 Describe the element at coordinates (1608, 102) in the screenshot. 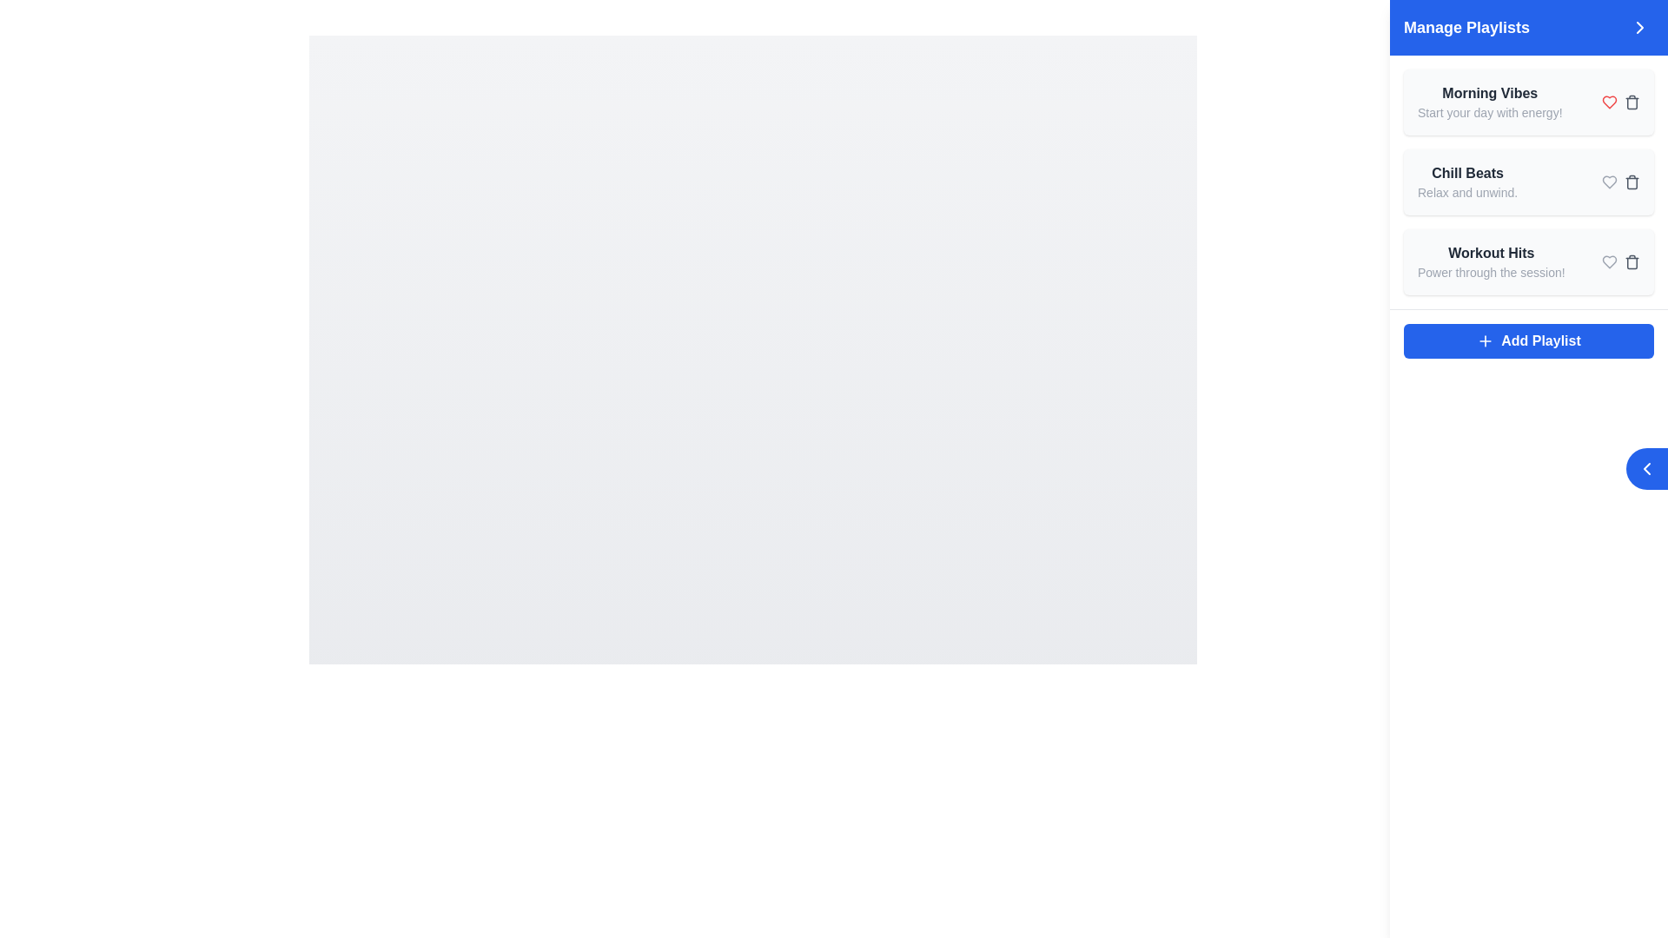

I see `the favorite icon button located in the 'Morning Vibes' playlist section` at that location.